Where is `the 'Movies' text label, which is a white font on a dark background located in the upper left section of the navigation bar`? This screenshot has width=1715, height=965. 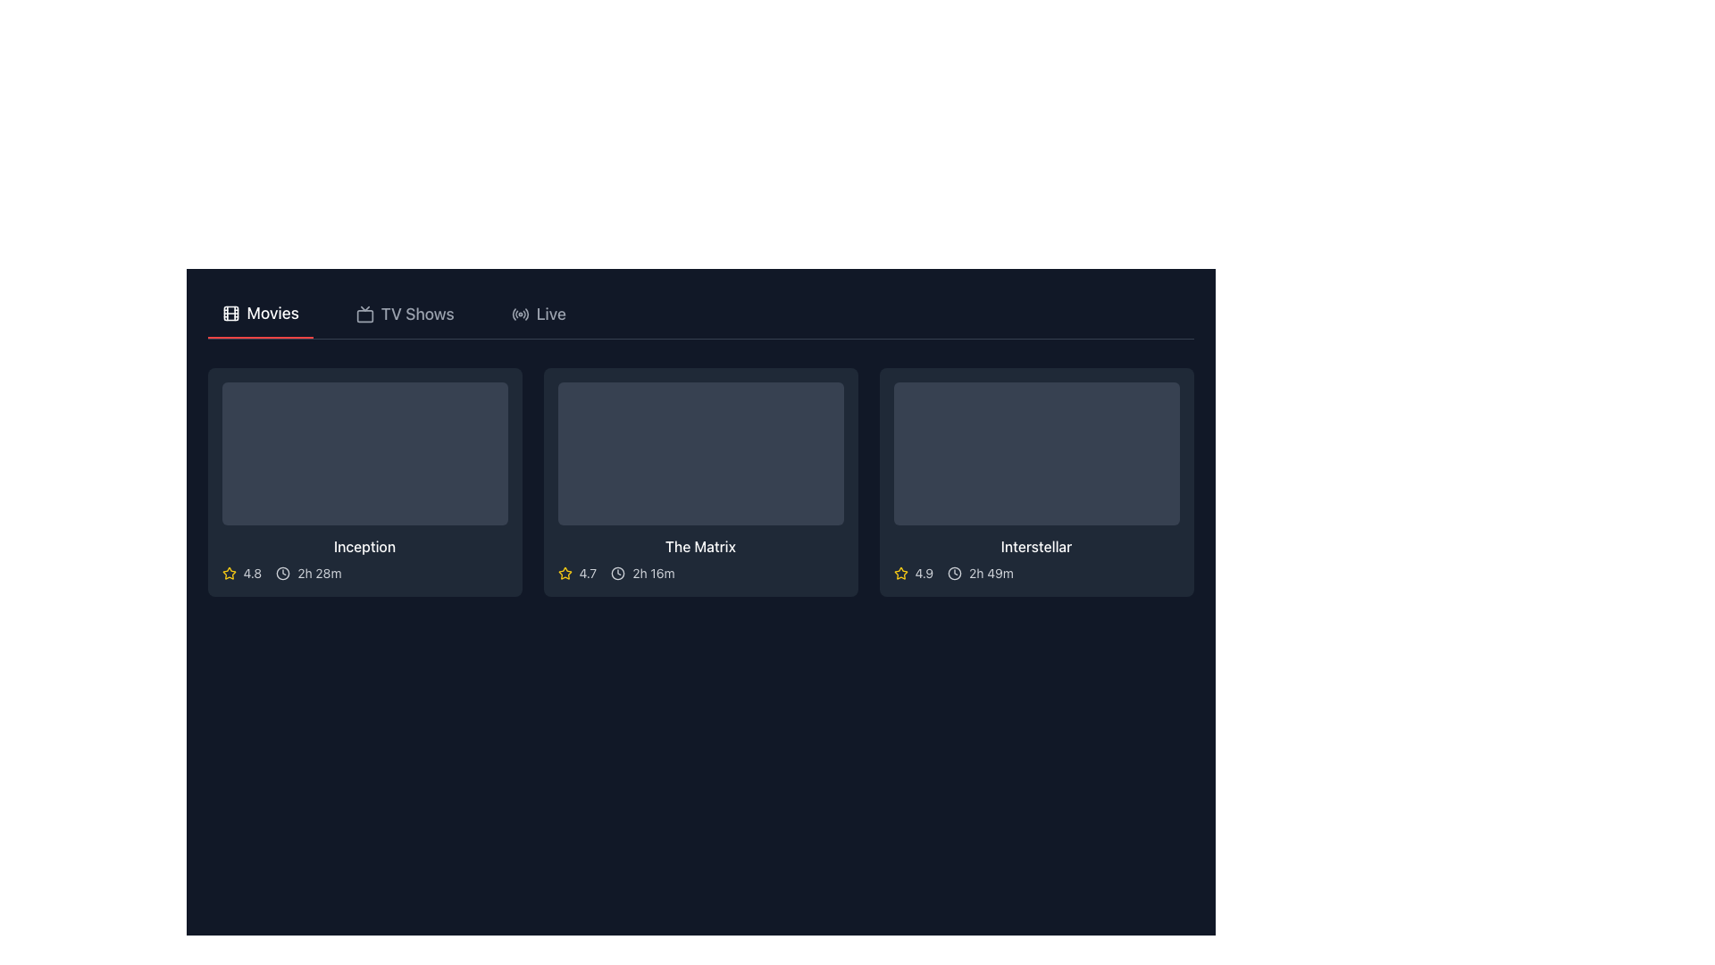
the 'Movies' text label, which is a white font on a dark background located in the upper left section of the navigation bar is located at coordinates (272, 313).